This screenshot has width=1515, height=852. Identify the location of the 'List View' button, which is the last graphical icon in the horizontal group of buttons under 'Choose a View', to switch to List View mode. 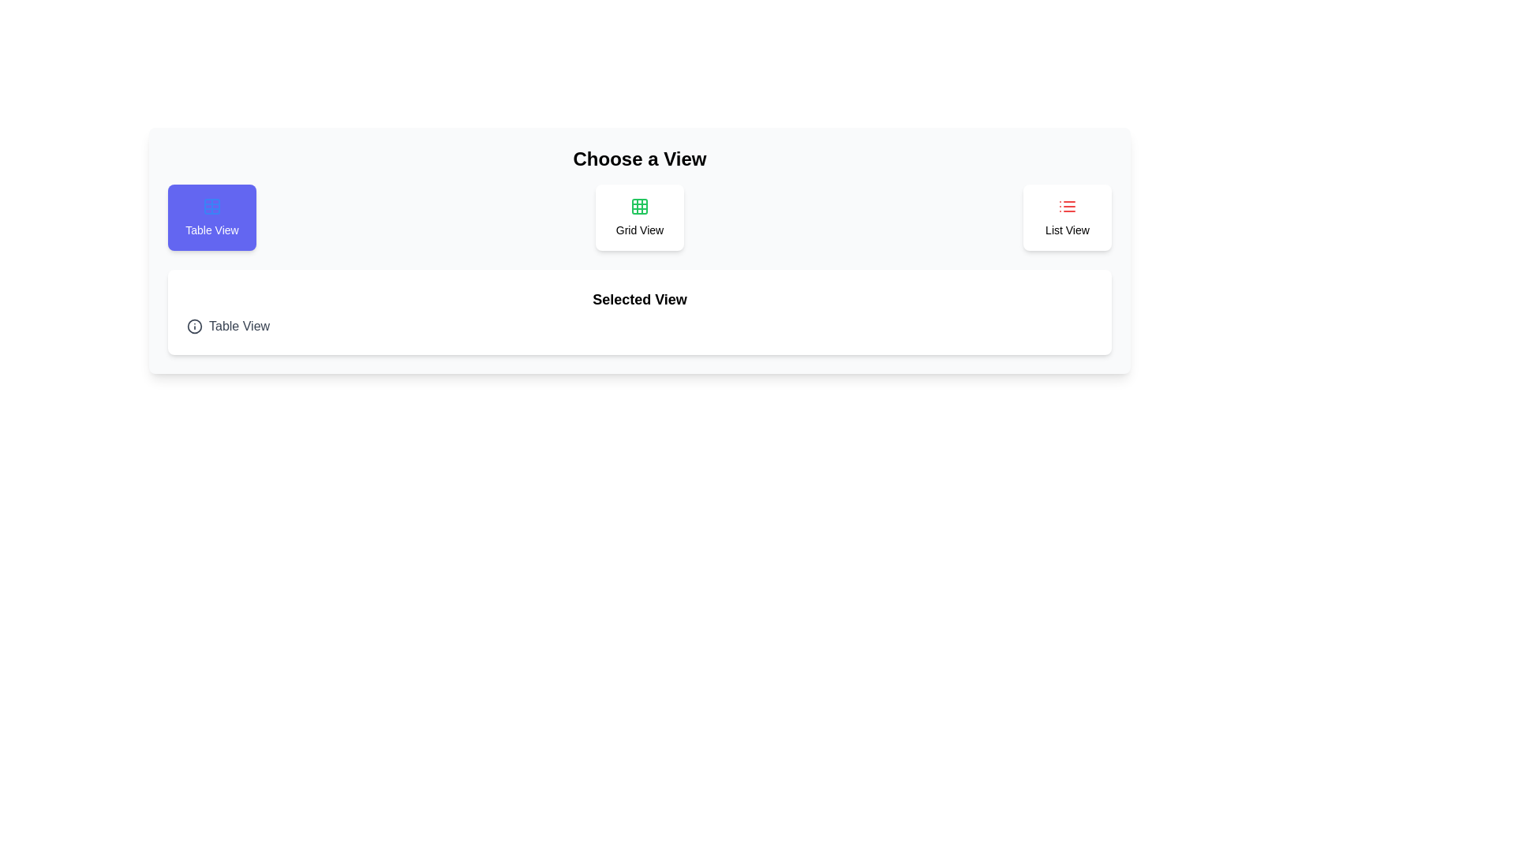
(1068, 206).